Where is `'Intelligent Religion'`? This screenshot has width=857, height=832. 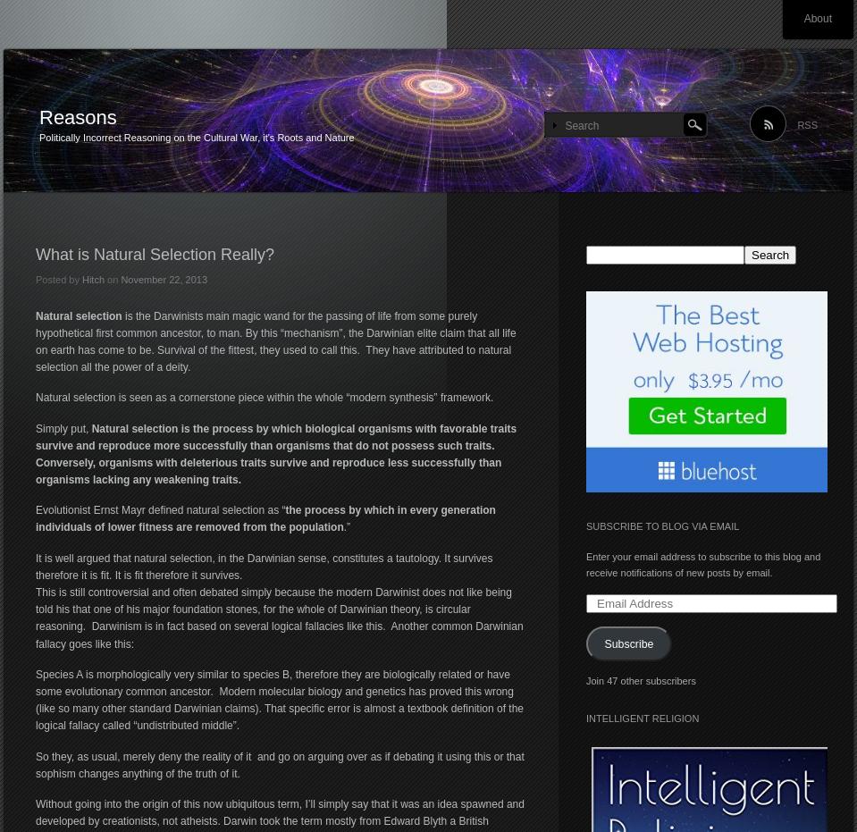 'Intelligent Religion' is located at coordinates (641, 718).